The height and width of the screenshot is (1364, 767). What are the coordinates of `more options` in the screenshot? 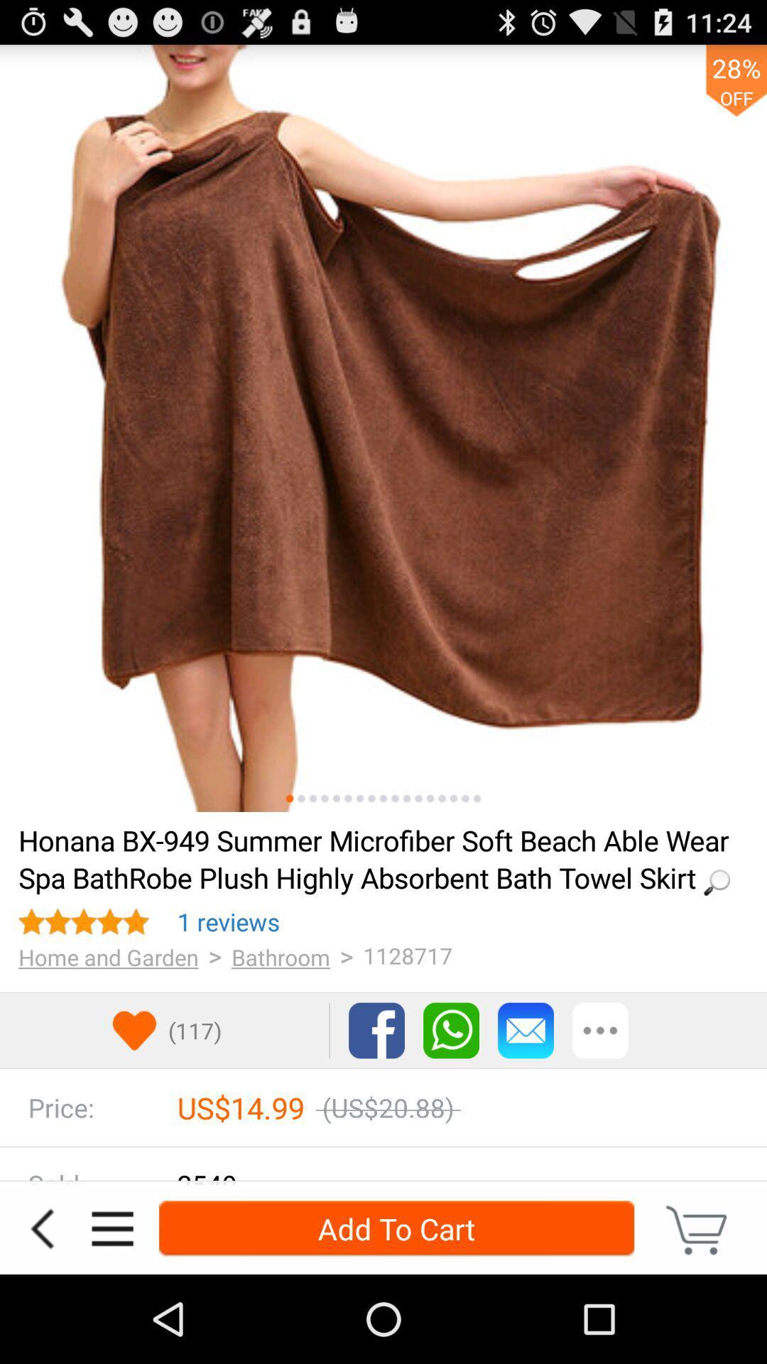 It's located at (111, 1228).